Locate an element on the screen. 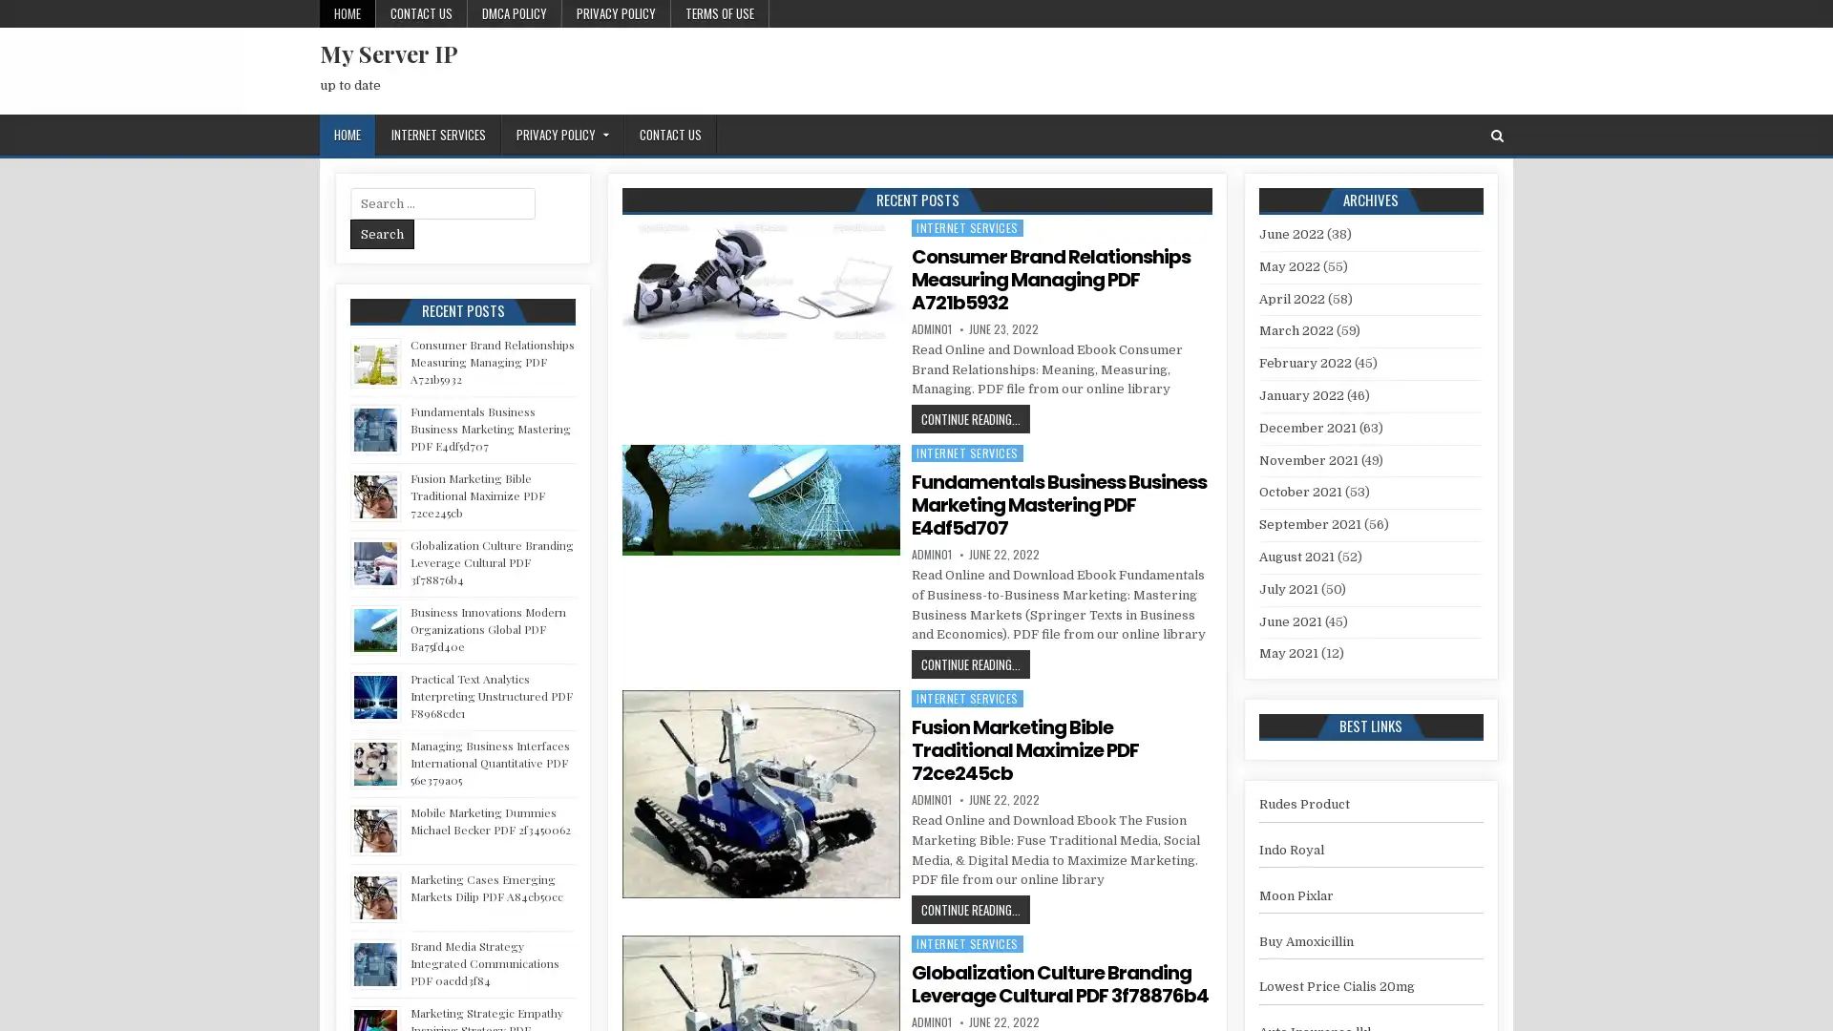 The height and width of the screenshot is (1031, 1833). Search is located at coordinates (382, 233).